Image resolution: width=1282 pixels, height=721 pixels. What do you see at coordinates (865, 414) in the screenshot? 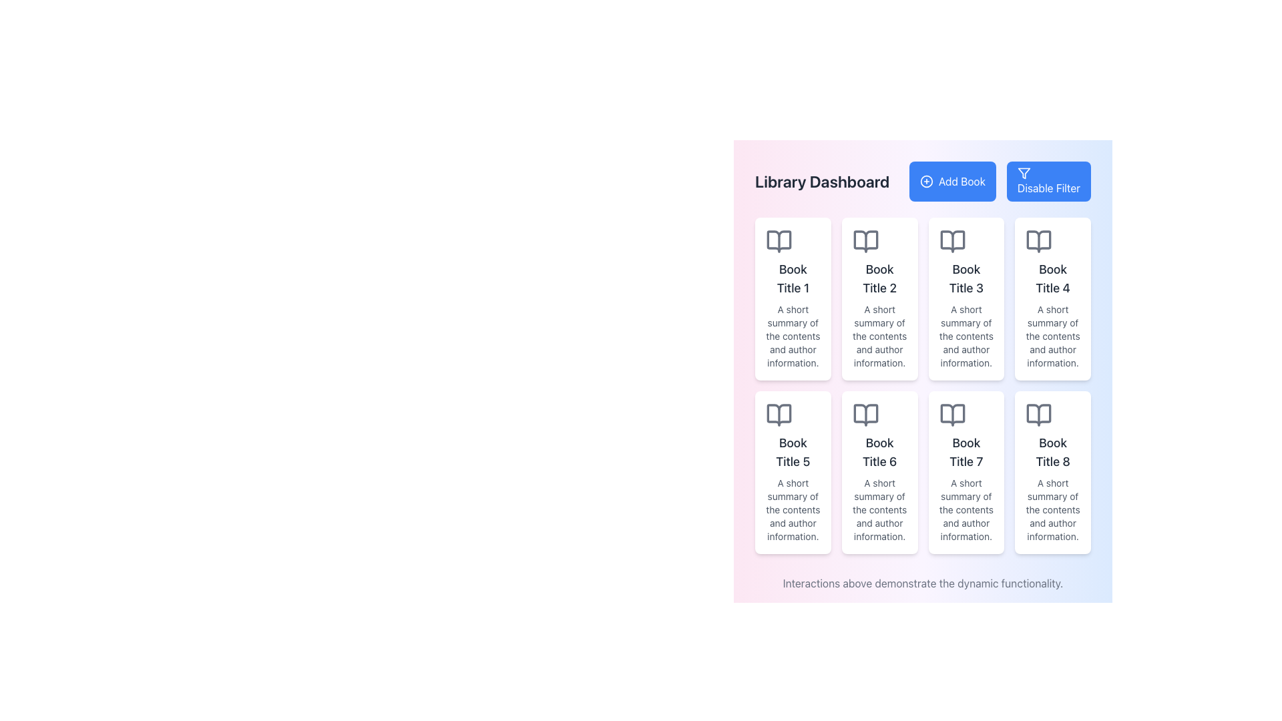
I see `the open book icon located at the top of the card labeled 'Book Title 6' in the second row, third column of the grid layout` at bounding box center [865, 414].